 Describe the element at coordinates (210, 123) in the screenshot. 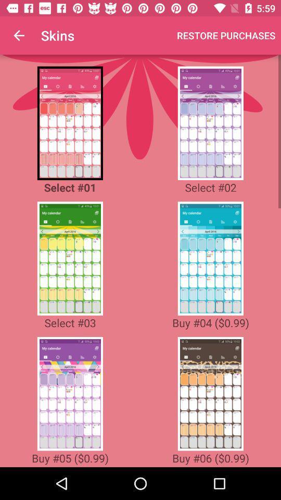

I see `theme selection` at that location.